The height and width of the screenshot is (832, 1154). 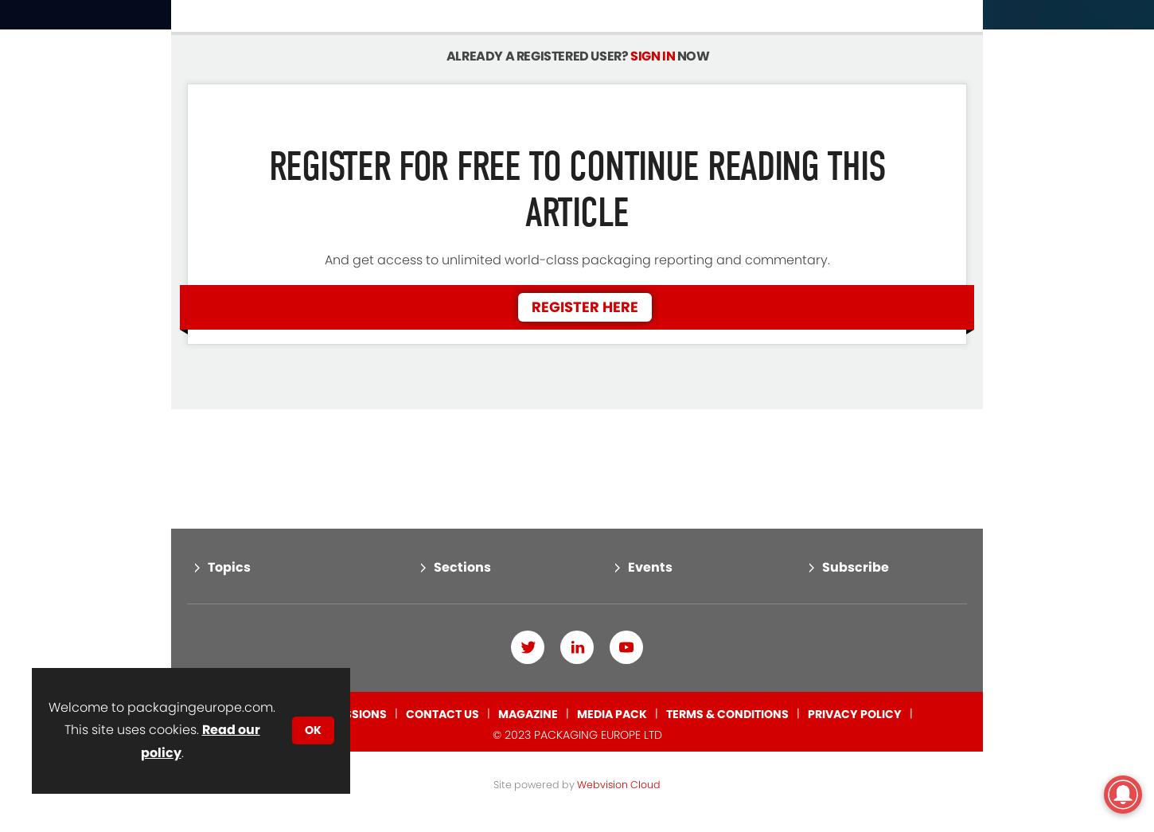 I want to click on 'Site powered by', so click(x=493, y=719).